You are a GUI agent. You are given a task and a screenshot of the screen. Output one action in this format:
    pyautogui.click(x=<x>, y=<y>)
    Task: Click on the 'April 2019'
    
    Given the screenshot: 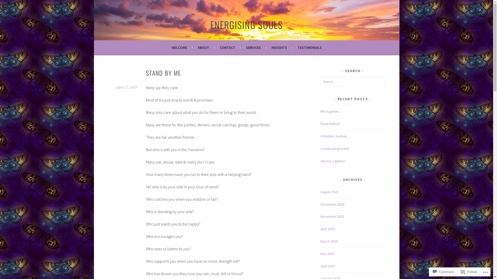 What is the action you would take?
    pyautogui.click(x=327, y=266)
    